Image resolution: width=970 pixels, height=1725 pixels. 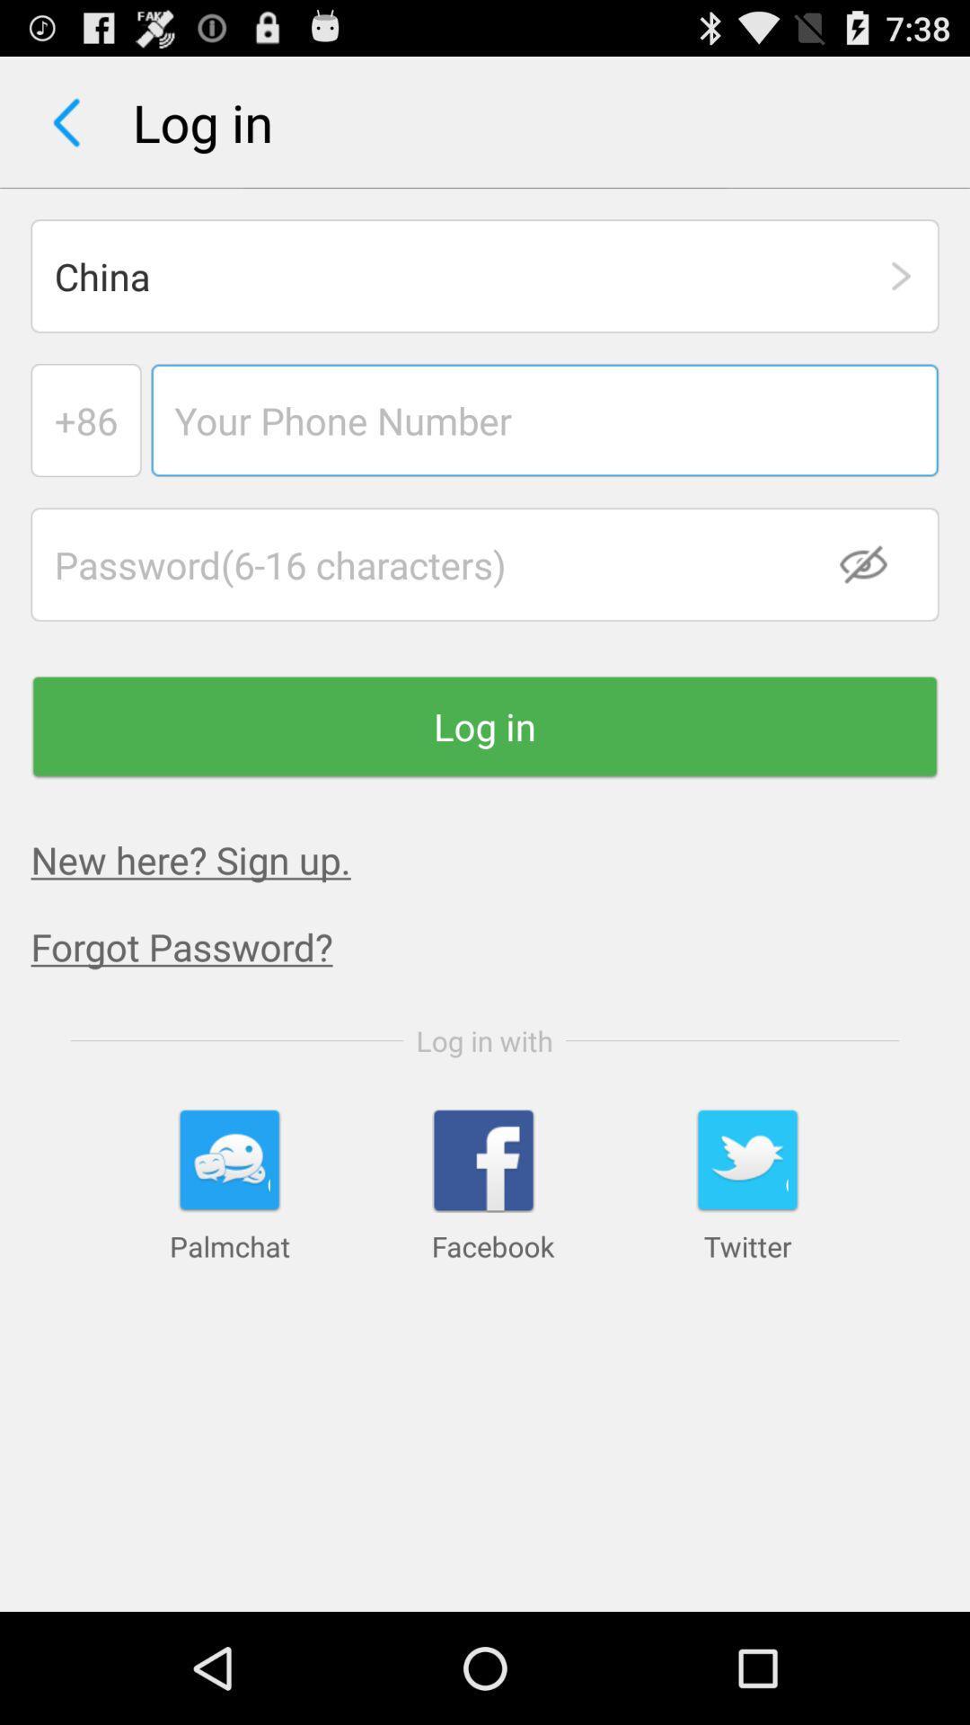 I want to click on the app below the new here sign app, so click(x=500, y=945).